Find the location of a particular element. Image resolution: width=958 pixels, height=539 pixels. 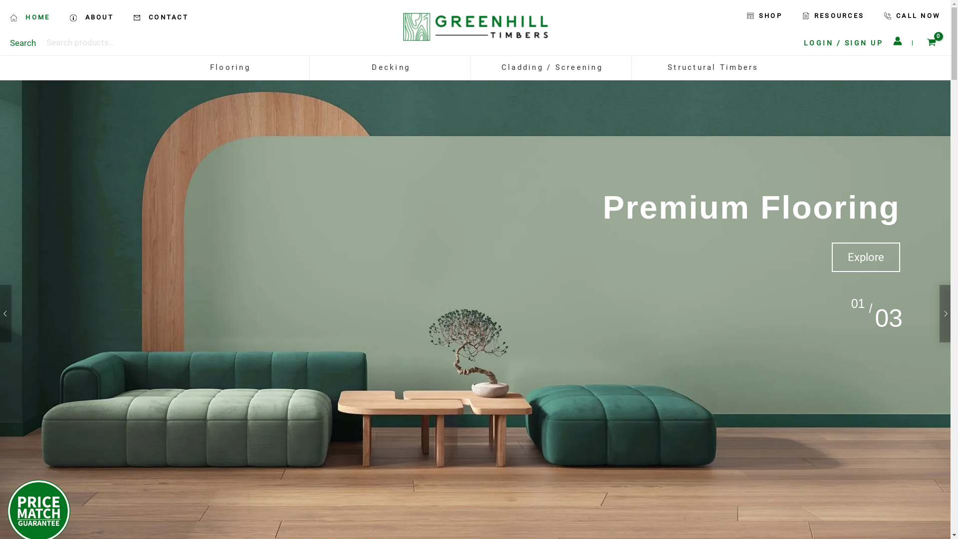

'Cladding / Screening' is located at coordinates (552, 67).